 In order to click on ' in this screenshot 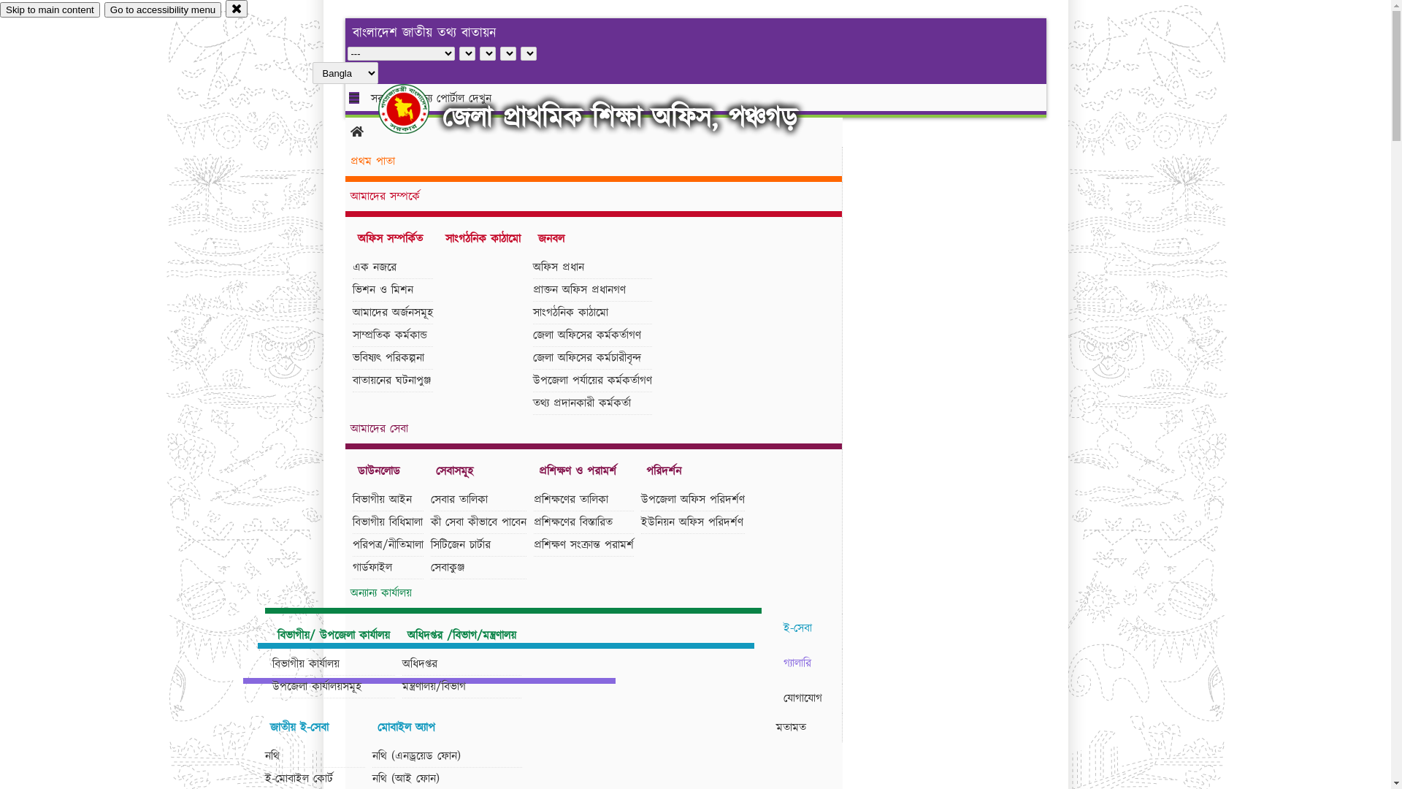, I will do `click(415, 108)`.